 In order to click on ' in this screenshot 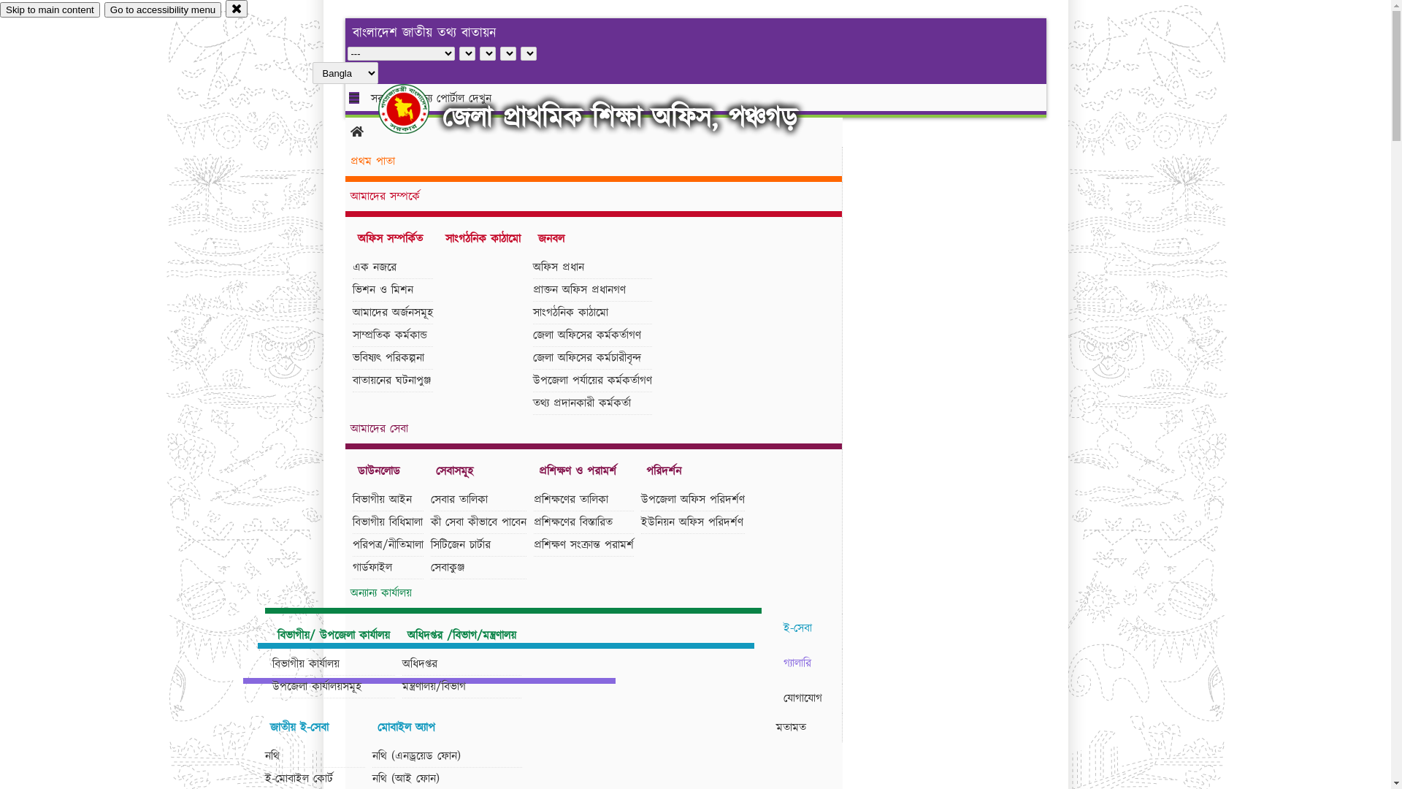, I will do `click(415, 108)`.